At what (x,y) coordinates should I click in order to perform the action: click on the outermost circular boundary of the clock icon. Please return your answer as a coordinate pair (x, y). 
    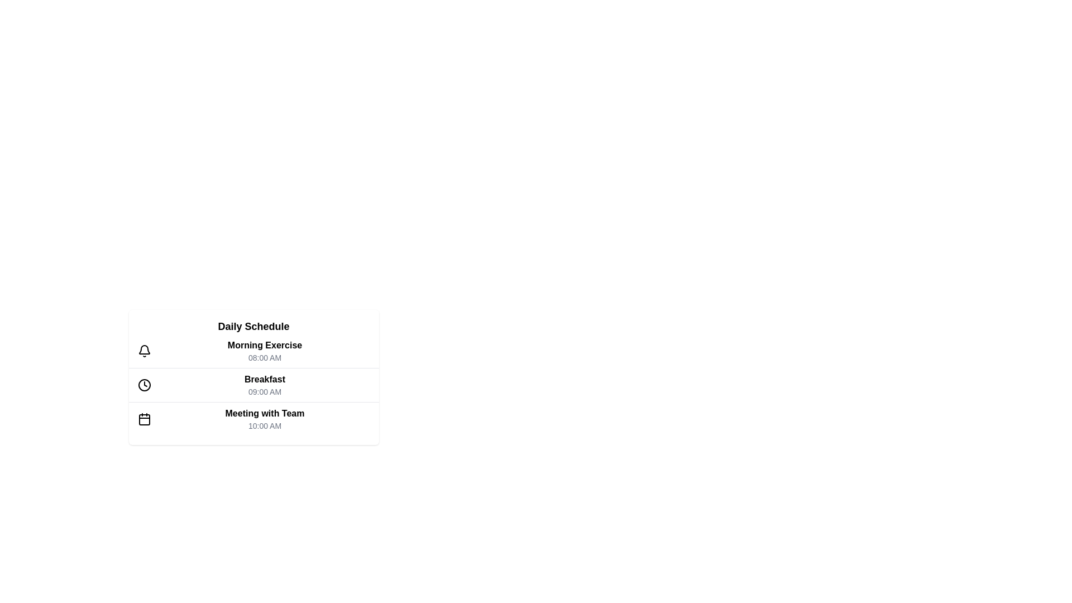
    Looking at the image, I should click on (143, 385).